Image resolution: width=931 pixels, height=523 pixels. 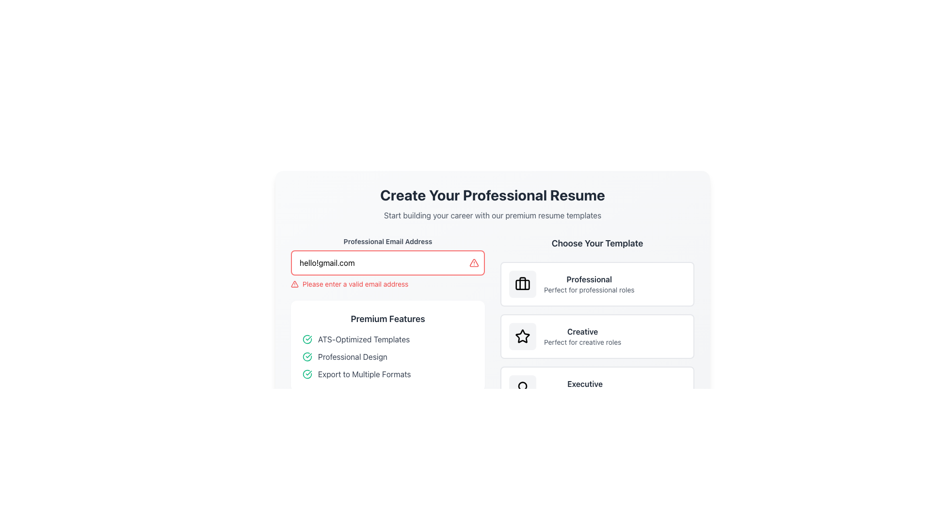 I want to click on the selection option for the professional template located in the 'Choose Your Template' section, so click(x=597, y=283).